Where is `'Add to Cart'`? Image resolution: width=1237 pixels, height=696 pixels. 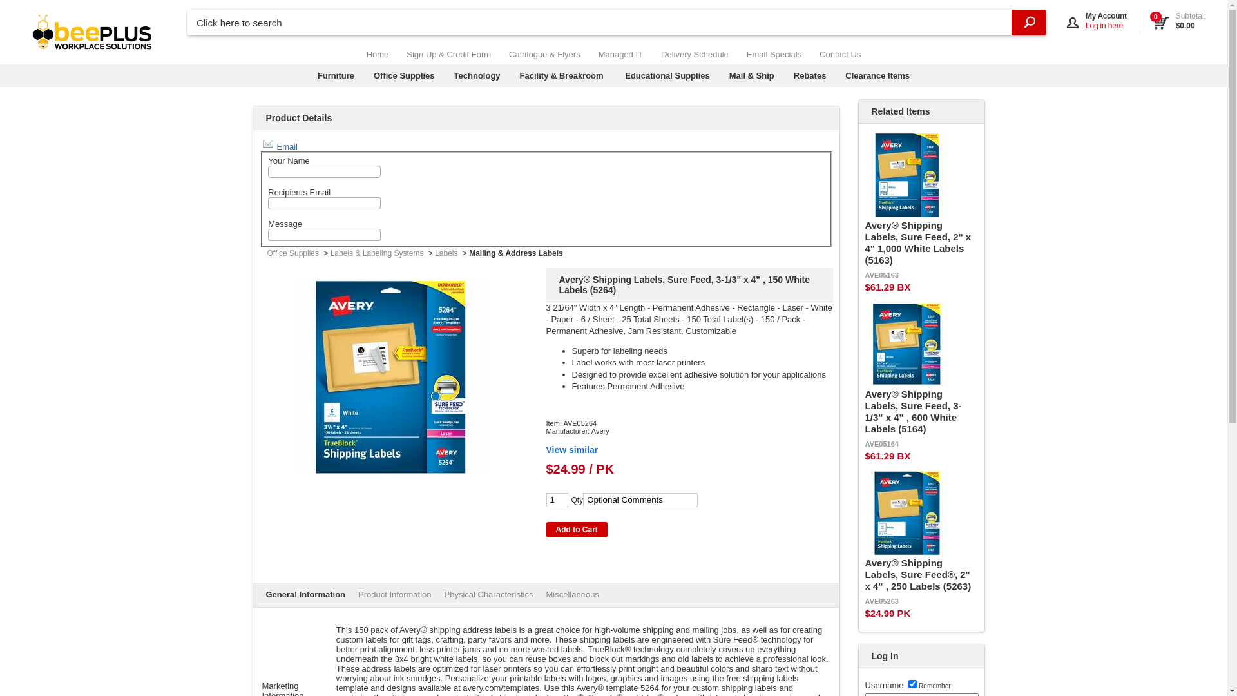 'Add to Cart' is located at coordinates (576, 529).